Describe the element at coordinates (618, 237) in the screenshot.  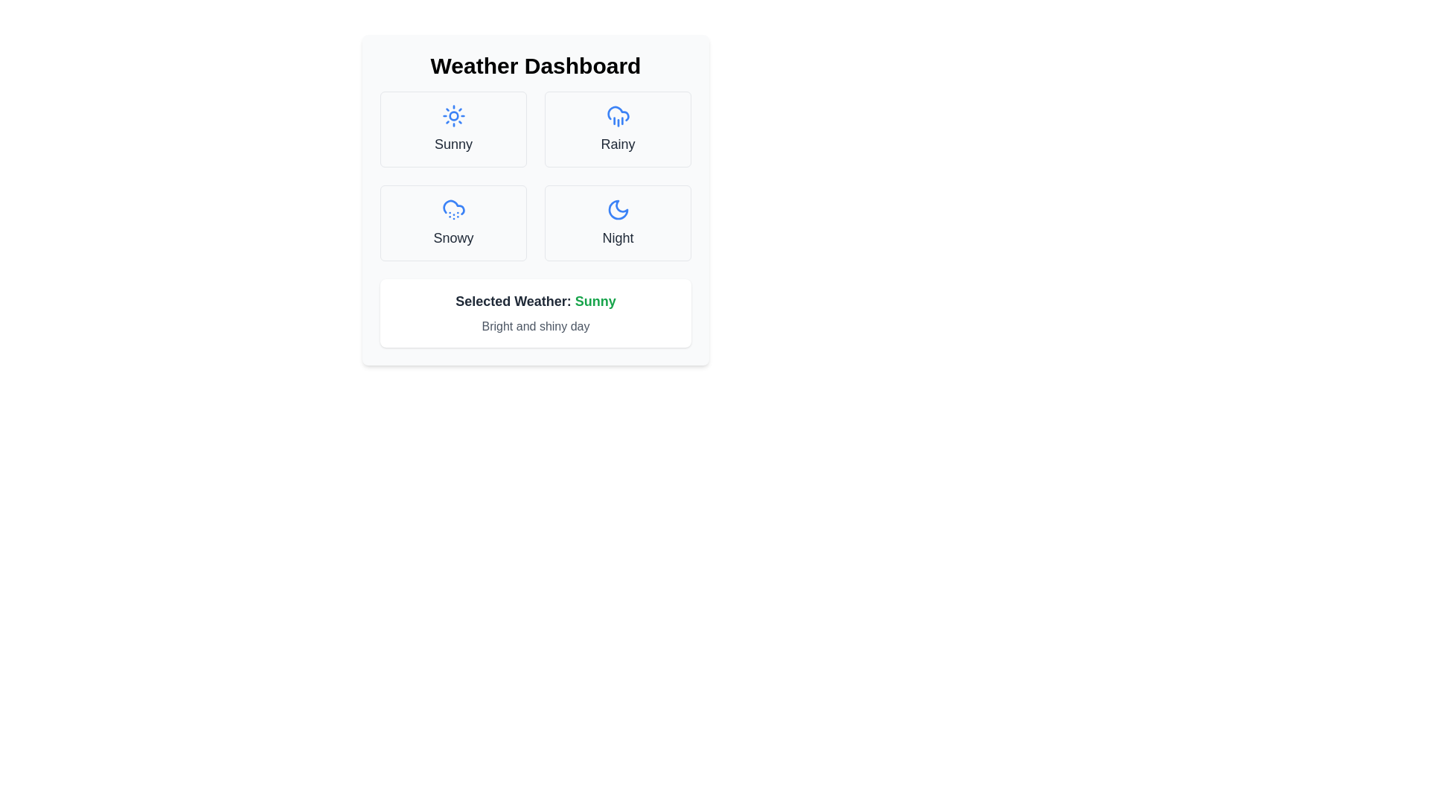
I see `the static text label indicating the 'Night' weather option located in the bottom-right corner of the weather options grid` at that location.